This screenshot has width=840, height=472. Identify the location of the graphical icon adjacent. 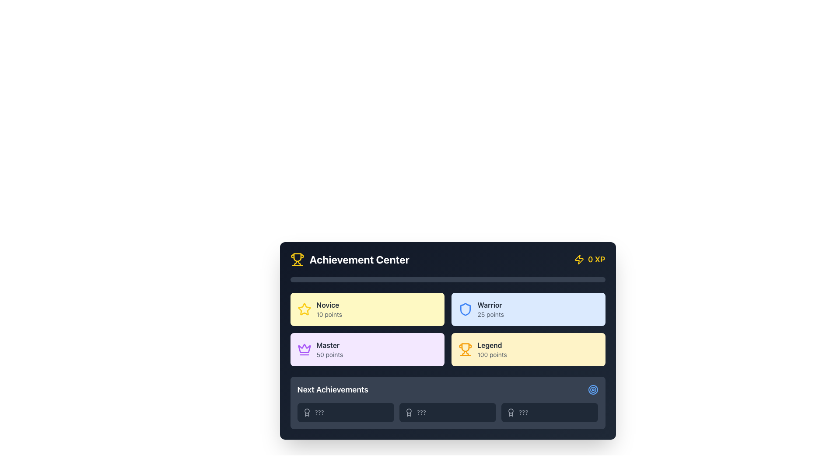
(349, 259).